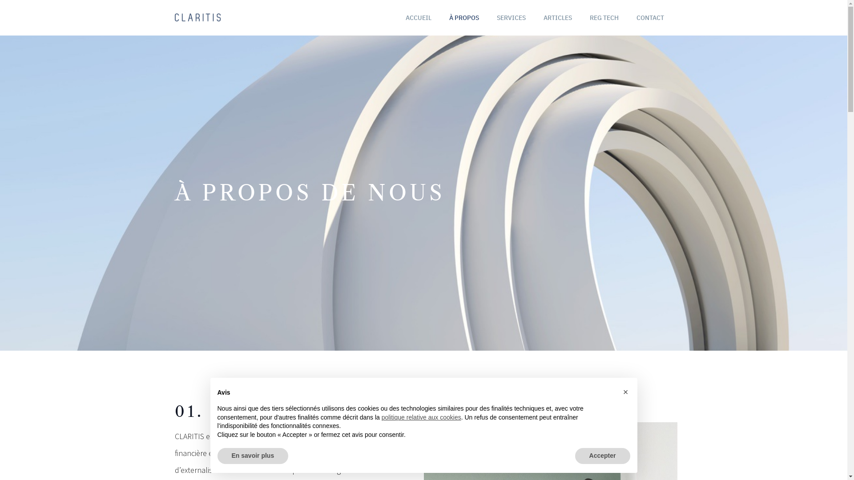  What do you see at coordinates (252, 456) in the screenshot?
I see `'En savoir plus'` at bounding box center [252, 456].